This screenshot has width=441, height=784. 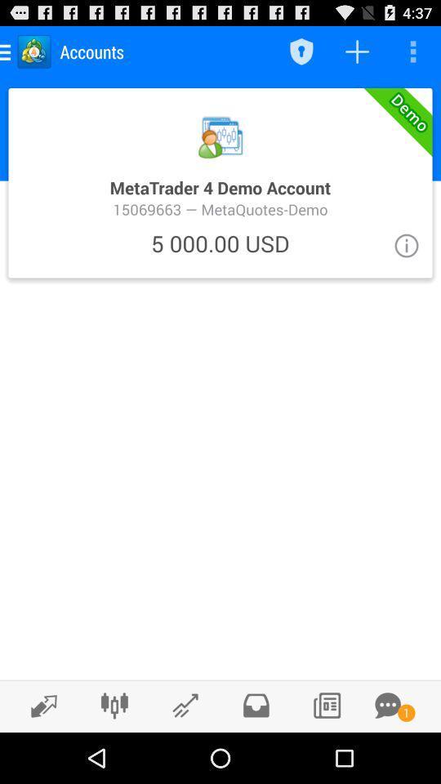 What do you see at coordinates (39, 705) in the screenshot?
I see `exchange funds` at bounding box center [39, 705].